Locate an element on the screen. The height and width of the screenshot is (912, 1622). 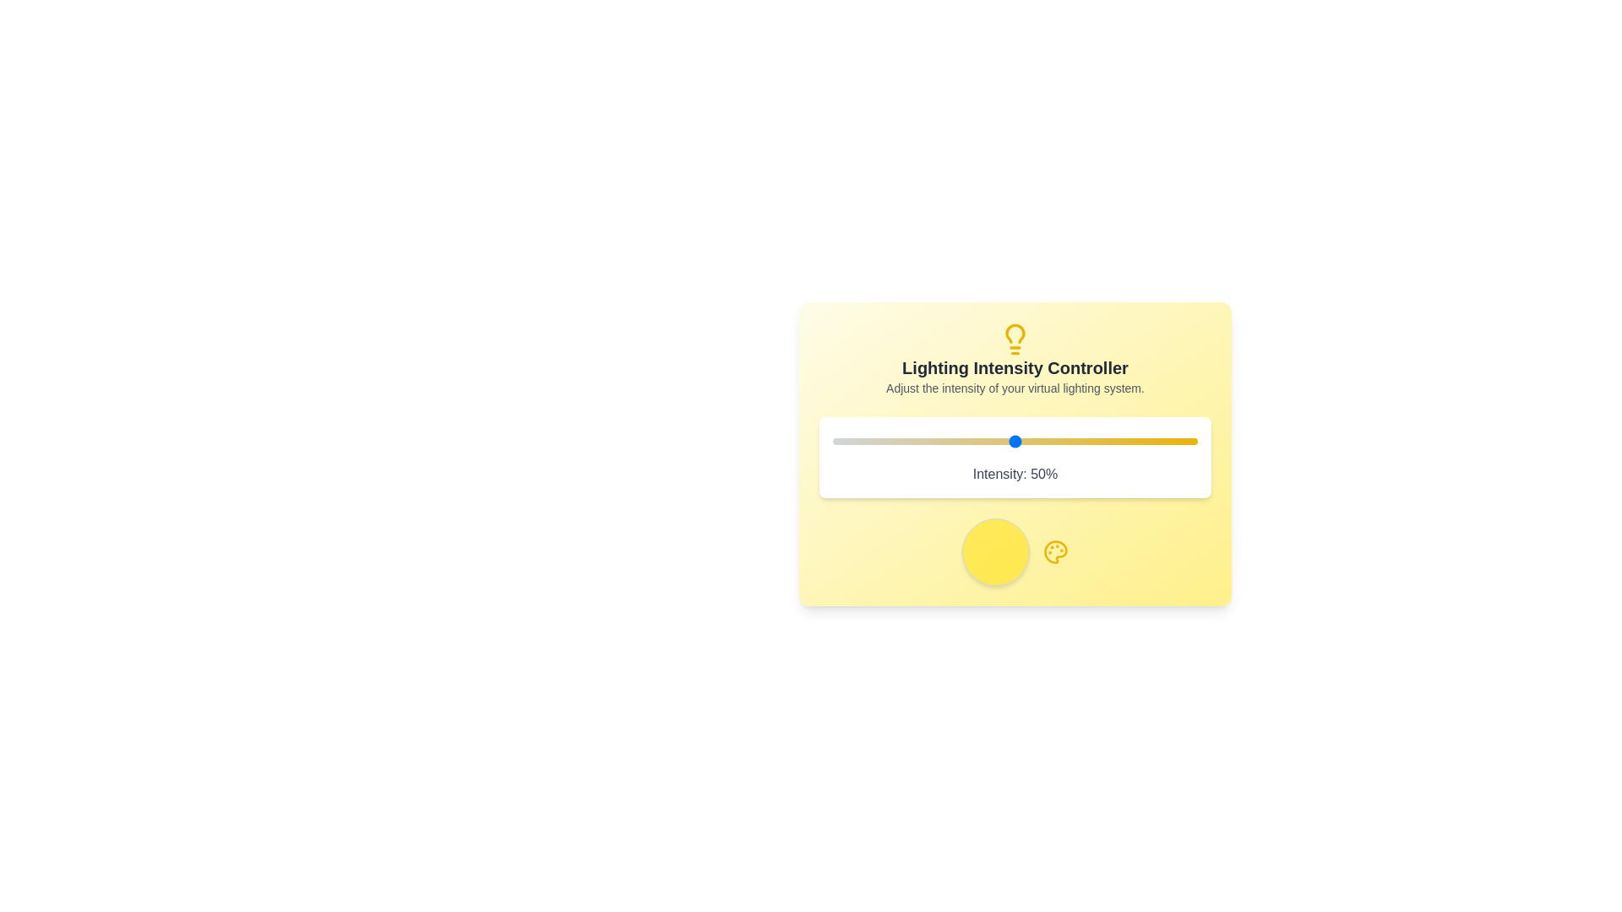
the slider to set the lighting intensity to 67% is located at coordinates (1076, 441).